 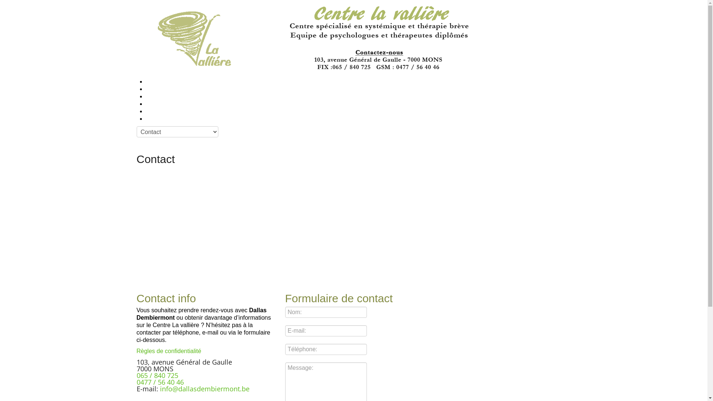 What do you see at coordinates (160, 382) in the screenshot?
I see `'0477 / 56 40 46'` at bounding box center [160, 382].